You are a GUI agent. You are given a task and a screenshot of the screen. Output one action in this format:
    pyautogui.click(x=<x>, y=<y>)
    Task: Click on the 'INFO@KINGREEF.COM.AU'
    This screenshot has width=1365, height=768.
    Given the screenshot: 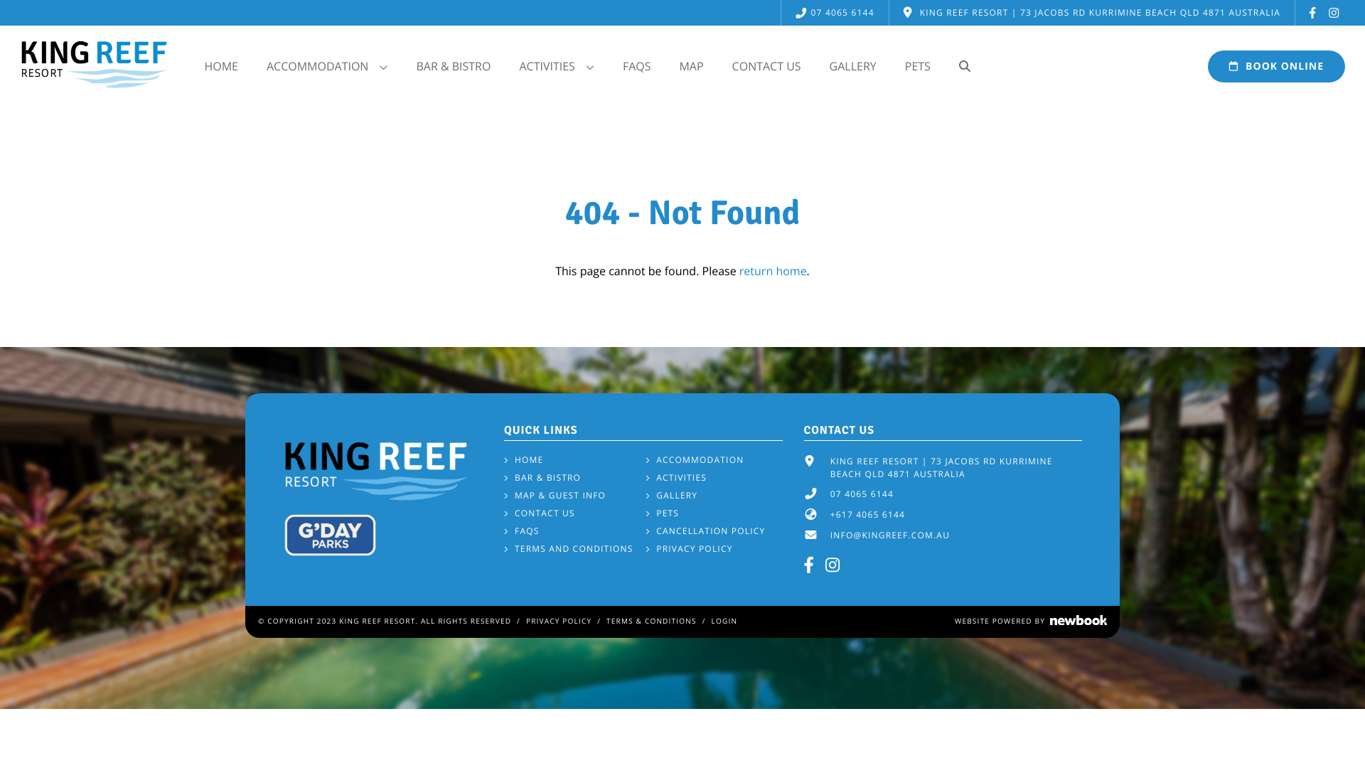 What is the action you would take?
    pyautogui.click(x=889, y=535)
    